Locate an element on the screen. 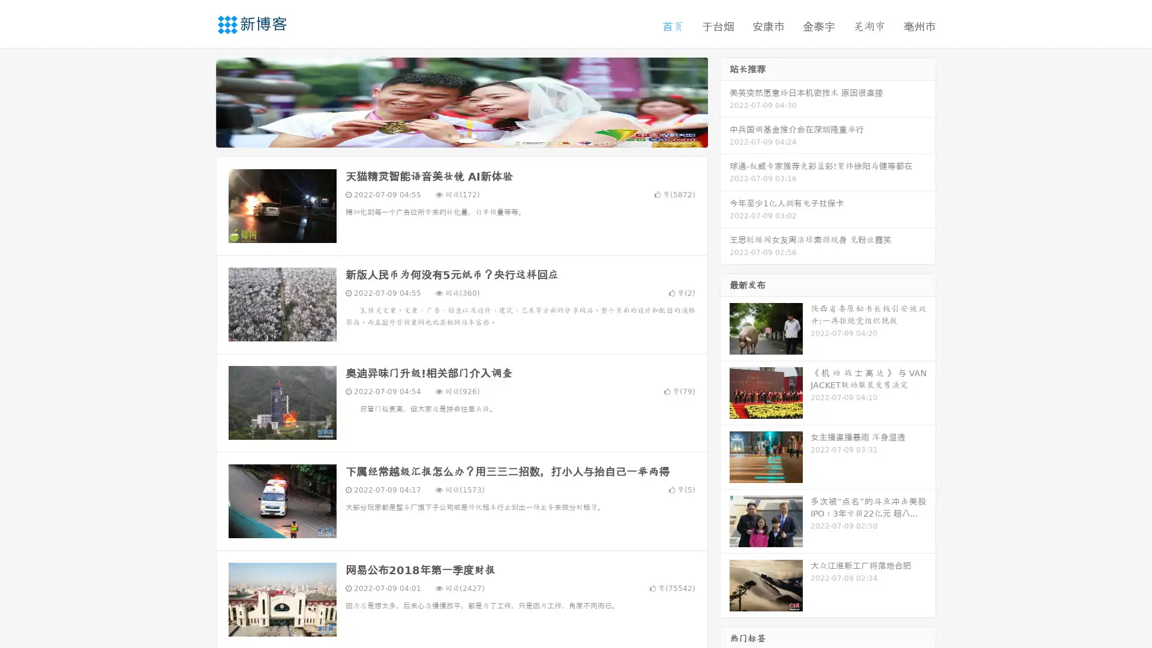 The height and width of the screenshot is (648, 1152). Go to slide 1 is located at coordinates (449, 135).